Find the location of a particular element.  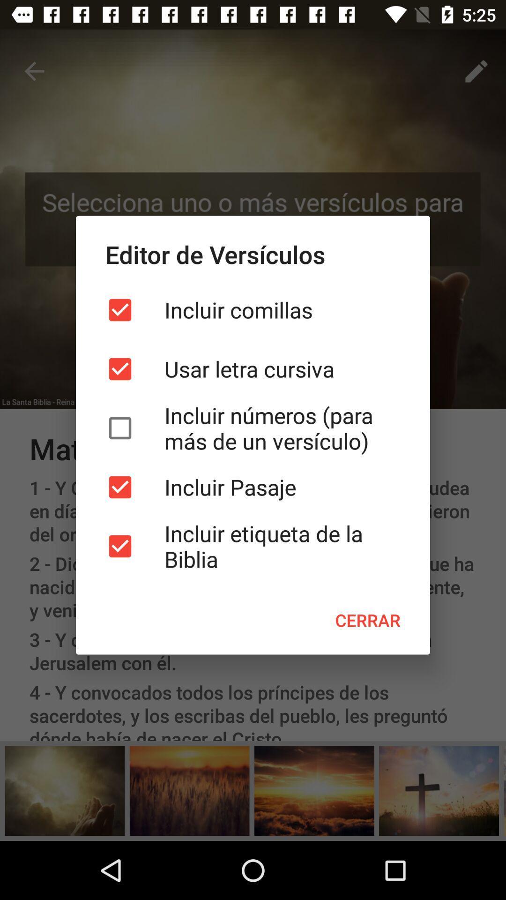

cerrar item is located at coordinates (367, 620).